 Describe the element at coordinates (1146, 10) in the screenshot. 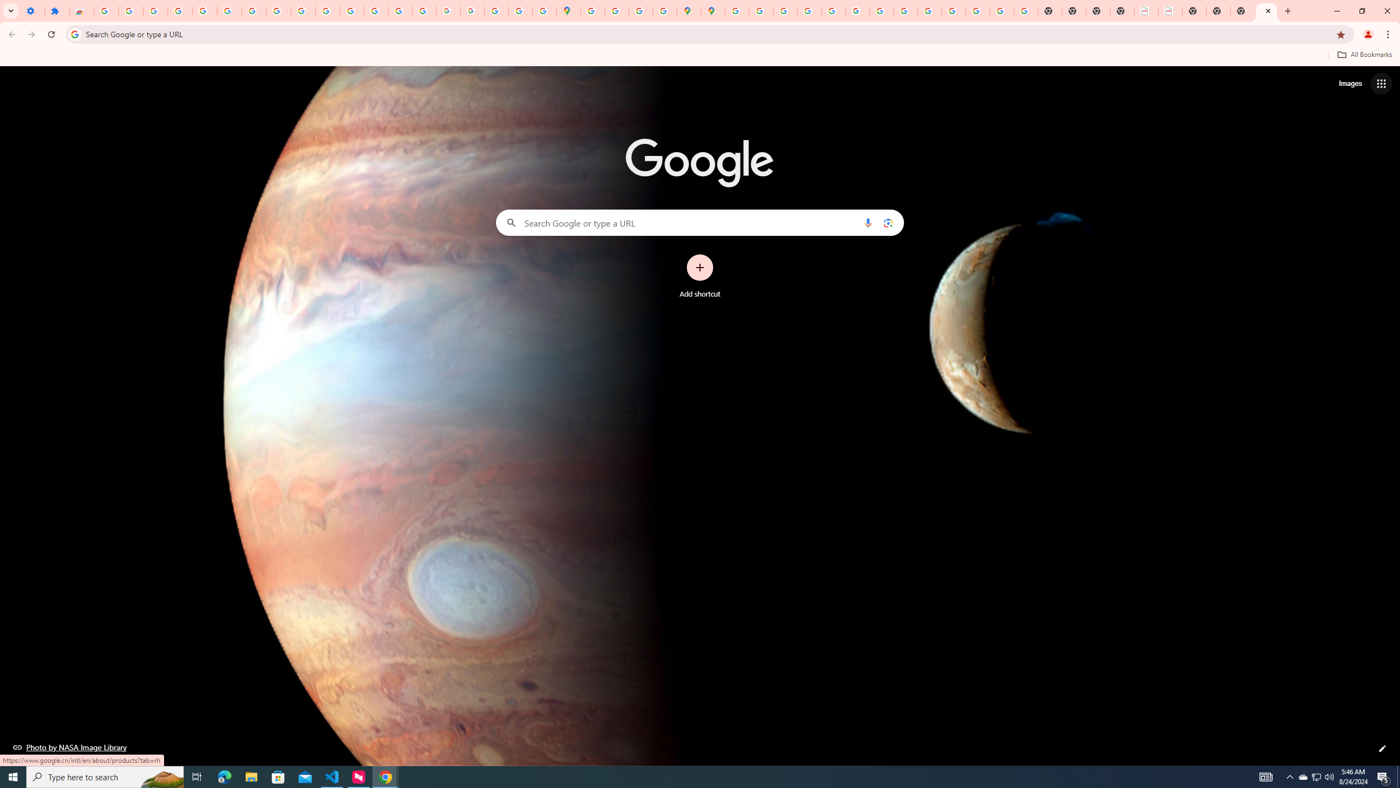

I see `'LAAD Defence & Security 2025 | BAE Systems'` at that location.